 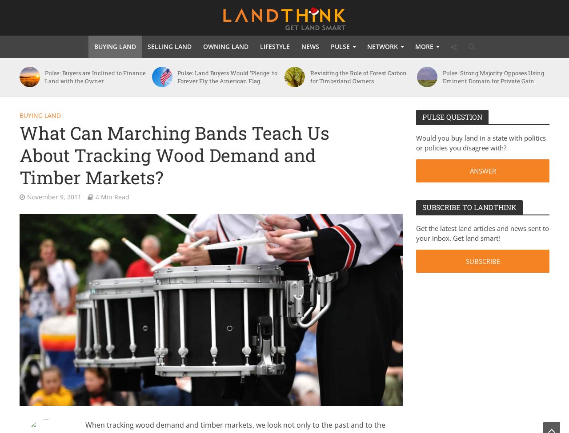 What do you see at coordinates (482, 170) in the screenshot?
I see `'ANSWER'` at bounding box center [482, 170].